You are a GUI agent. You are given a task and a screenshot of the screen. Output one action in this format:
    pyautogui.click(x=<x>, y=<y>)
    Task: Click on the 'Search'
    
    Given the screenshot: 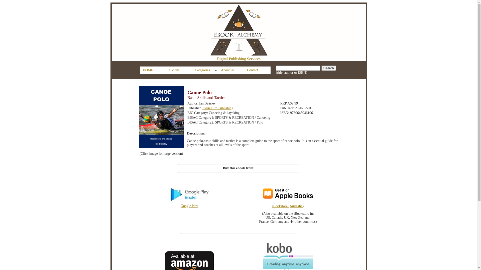 What is the action you would take?
    pyautogui.click(x=328, y=68)
    